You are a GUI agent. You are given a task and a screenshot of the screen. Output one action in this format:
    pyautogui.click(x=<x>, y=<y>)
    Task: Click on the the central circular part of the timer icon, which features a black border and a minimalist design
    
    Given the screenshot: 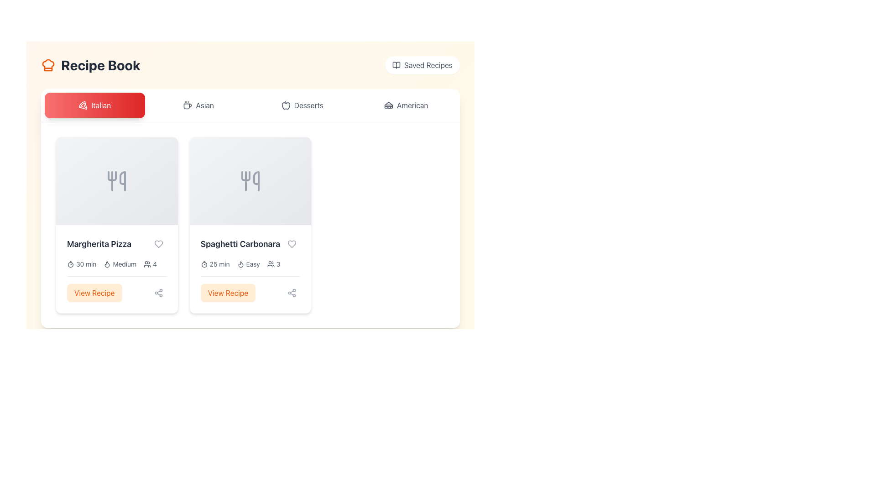 What is the action you would take?
    pyautogui.click(x=203, y=265)
    